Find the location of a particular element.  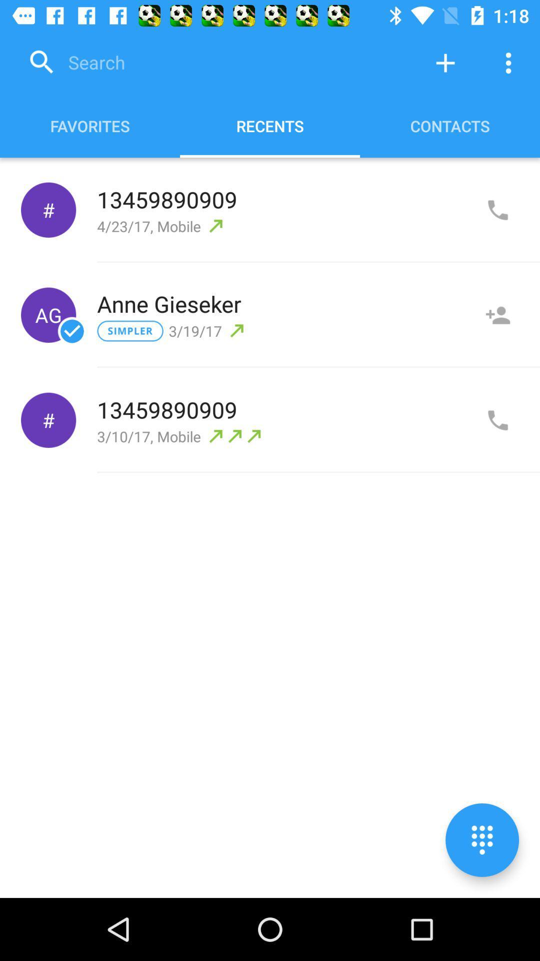

the dialpad icon is located at coordinates (481, 840).